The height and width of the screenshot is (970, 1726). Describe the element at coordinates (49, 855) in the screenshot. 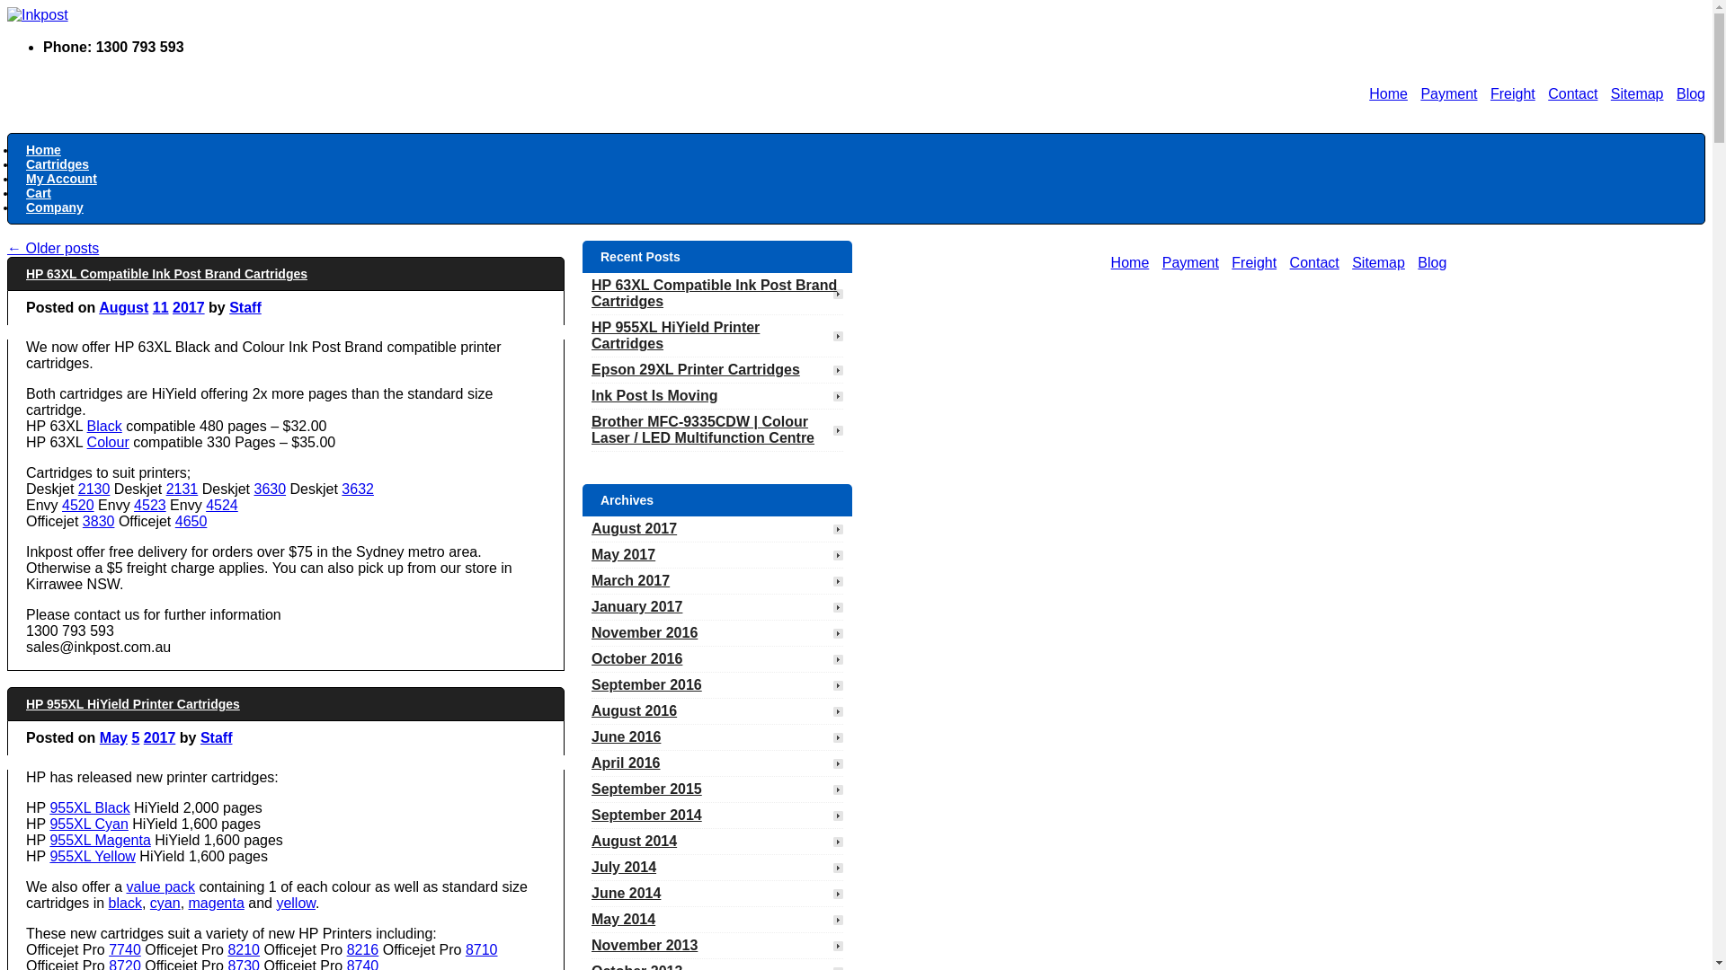

I see `'955XL Yellow'` at that location.